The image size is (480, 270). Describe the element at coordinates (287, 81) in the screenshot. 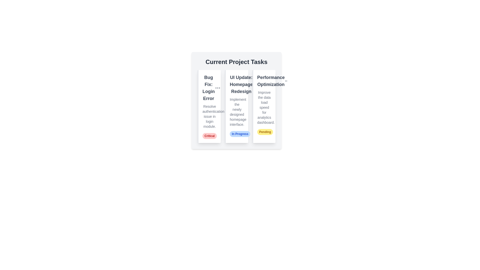

I see `options button for the task titled 'Performance Optimization'` at that location.